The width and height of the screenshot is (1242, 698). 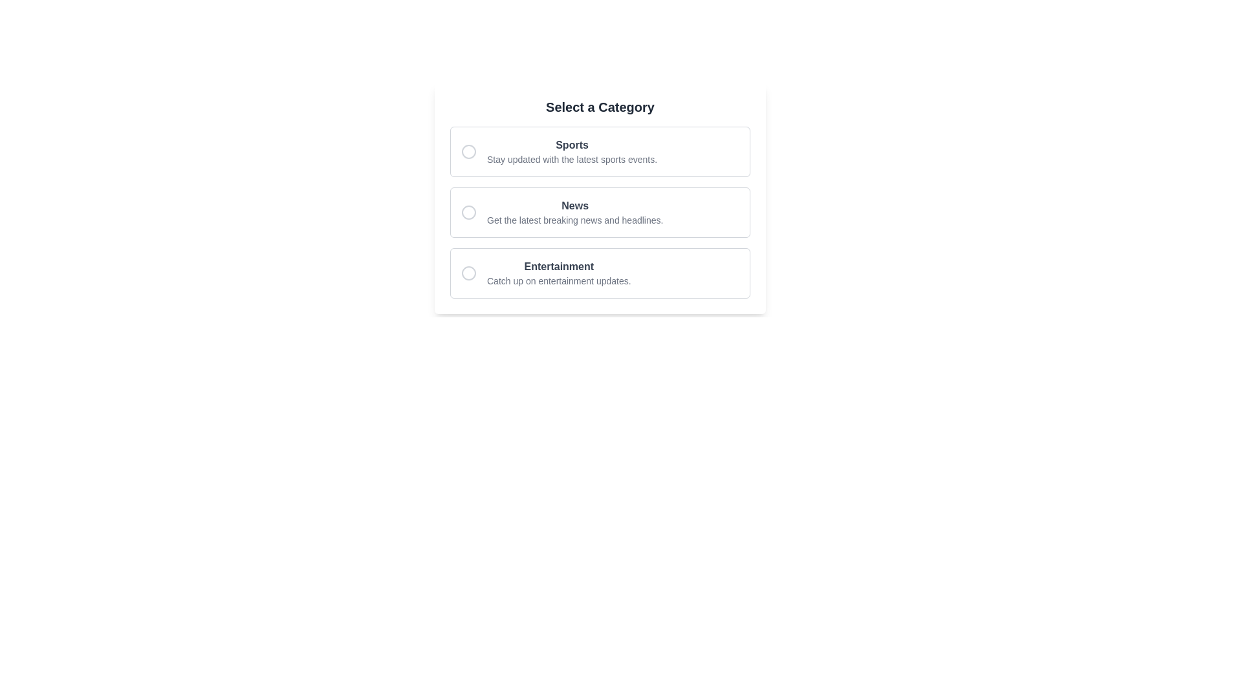 I want to click on the 'Sports' selectable card, which is the first in the list under 'Select a Category', so click(x=599, y=151).